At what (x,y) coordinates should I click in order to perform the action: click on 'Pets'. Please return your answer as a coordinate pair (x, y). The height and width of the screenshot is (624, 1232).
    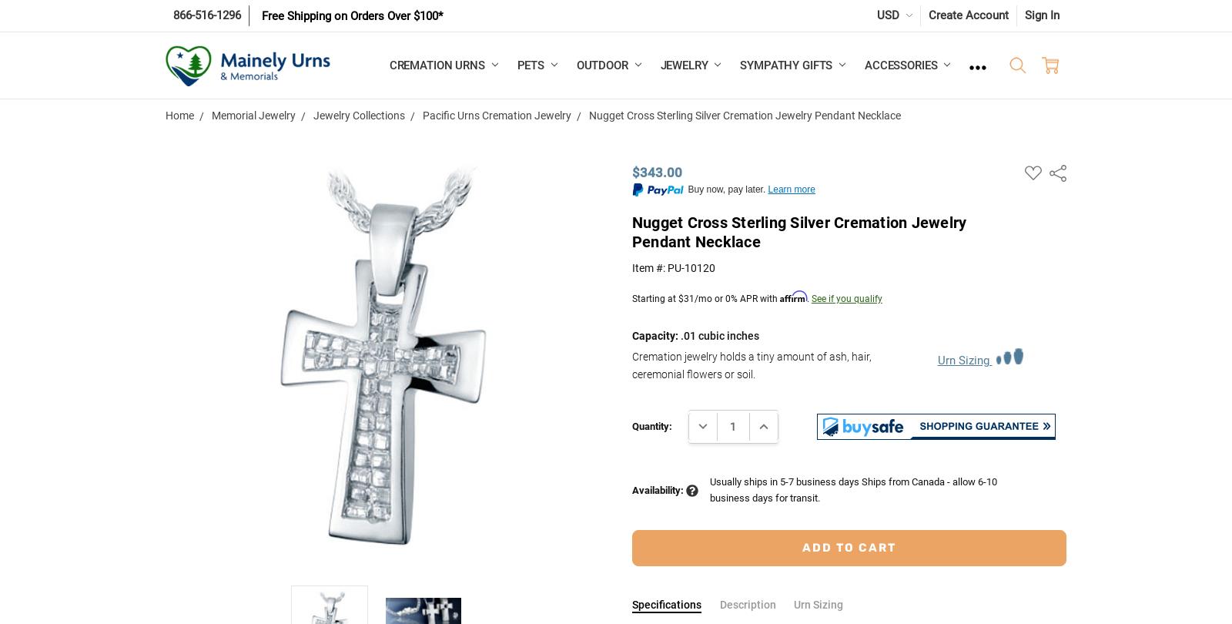
    Looking at the image, I should click on (531, 65).